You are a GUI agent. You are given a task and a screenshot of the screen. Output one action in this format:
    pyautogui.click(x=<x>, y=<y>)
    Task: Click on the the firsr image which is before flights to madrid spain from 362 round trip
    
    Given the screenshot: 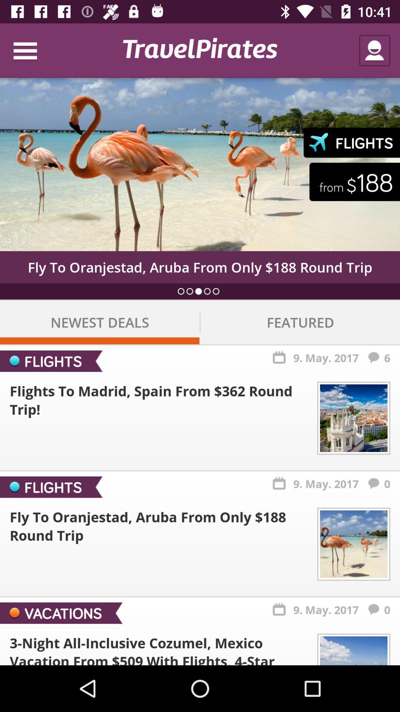 What is the action you would take?
    pyautogui.click(x=353, y=418)
    